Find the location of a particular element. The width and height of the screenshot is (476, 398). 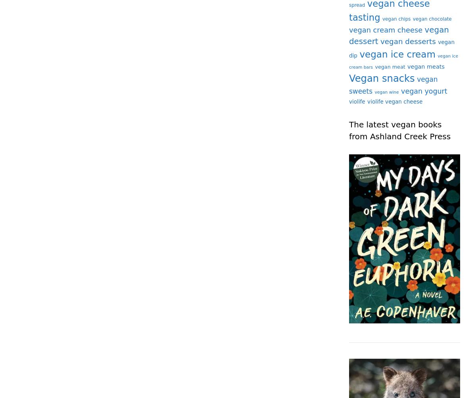

'Vegan snacks' is located at coordinates (348, 78).